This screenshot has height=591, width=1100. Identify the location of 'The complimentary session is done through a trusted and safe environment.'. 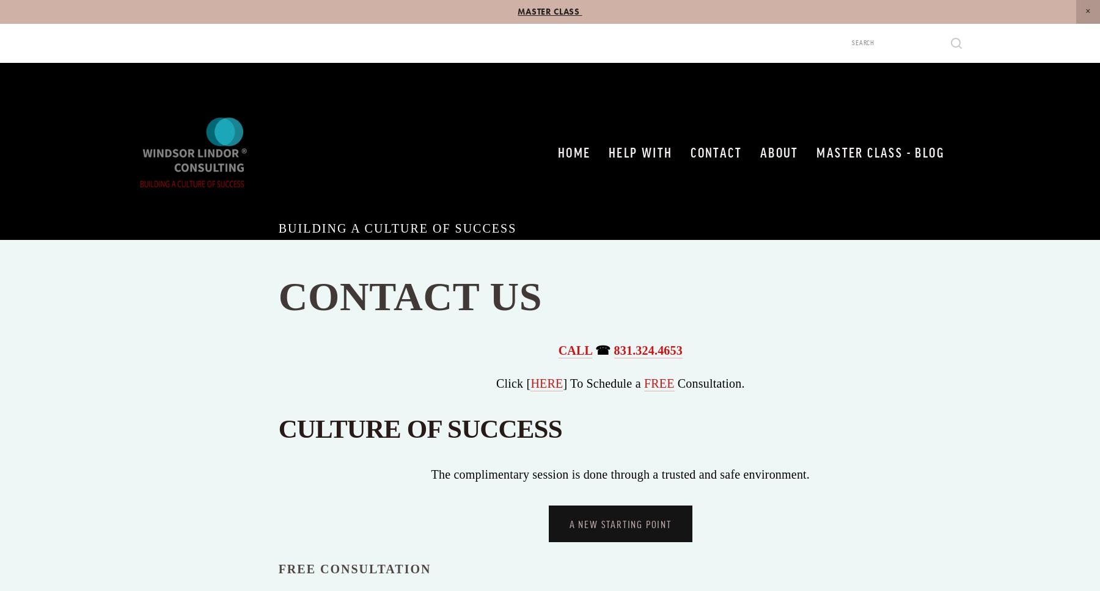
(620, 473).